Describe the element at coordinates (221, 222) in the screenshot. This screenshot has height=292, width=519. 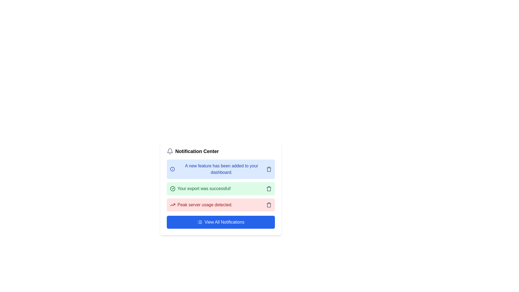
I see `the notifications button located at the bottom of the notification center card` at that location.